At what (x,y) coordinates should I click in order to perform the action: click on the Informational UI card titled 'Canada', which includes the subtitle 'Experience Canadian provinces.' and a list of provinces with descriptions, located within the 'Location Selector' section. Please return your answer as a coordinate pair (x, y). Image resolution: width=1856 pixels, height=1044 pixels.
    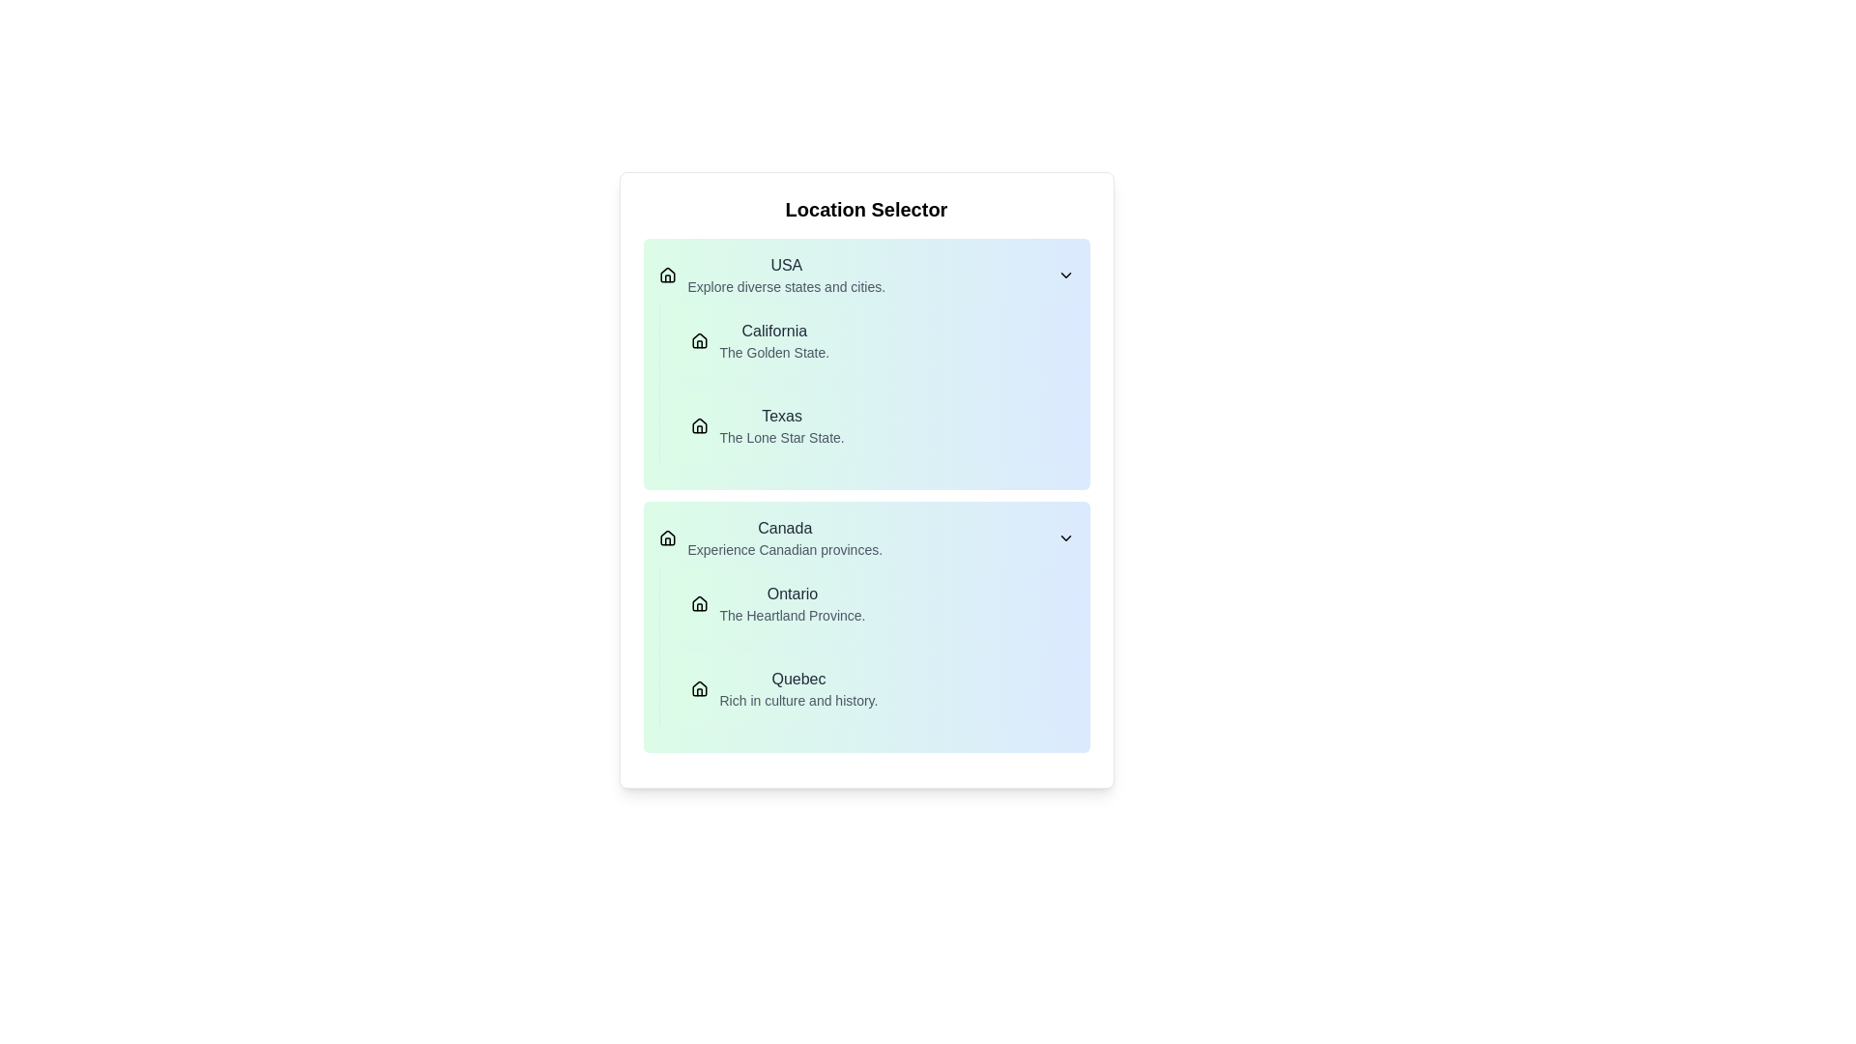
    Looking at the image, I should click on (865, 626).